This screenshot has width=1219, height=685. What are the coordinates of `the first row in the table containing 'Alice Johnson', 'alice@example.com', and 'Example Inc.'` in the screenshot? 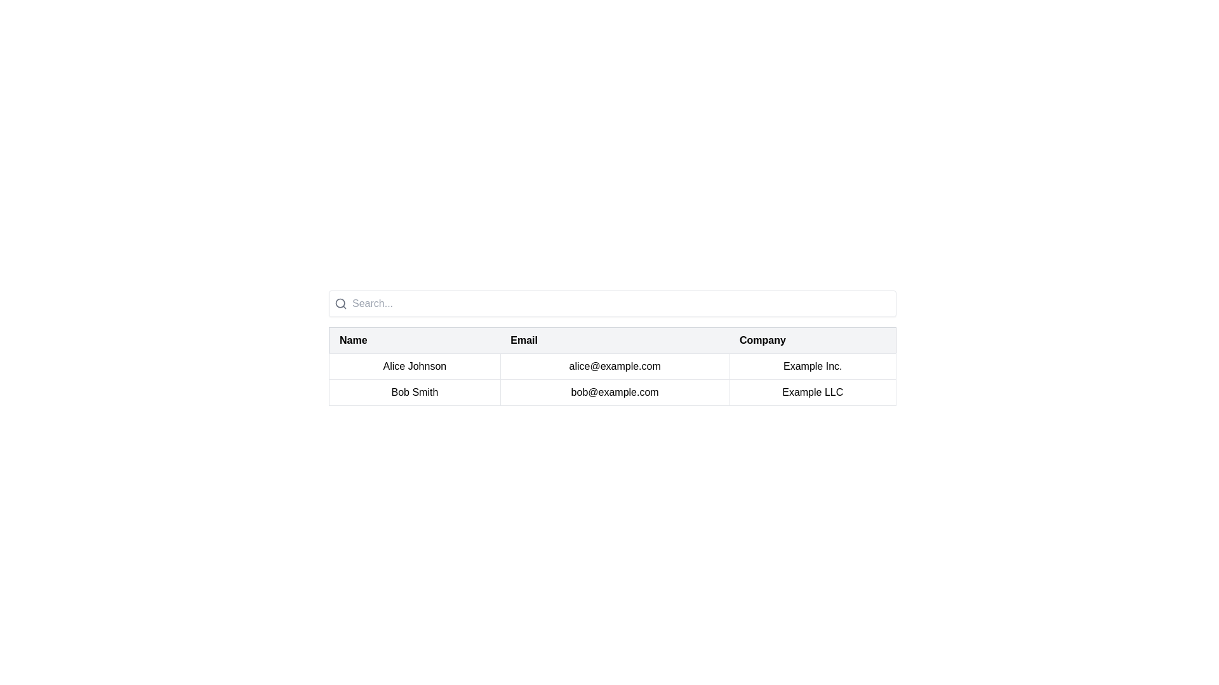 It's located at (612, 367).